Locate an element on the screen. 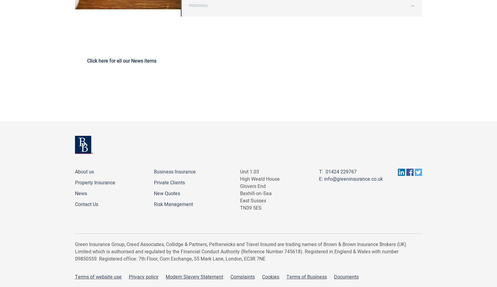 This screenshot has width=497, height=287. 'Glovers End' is located at coordinates (253, 186).